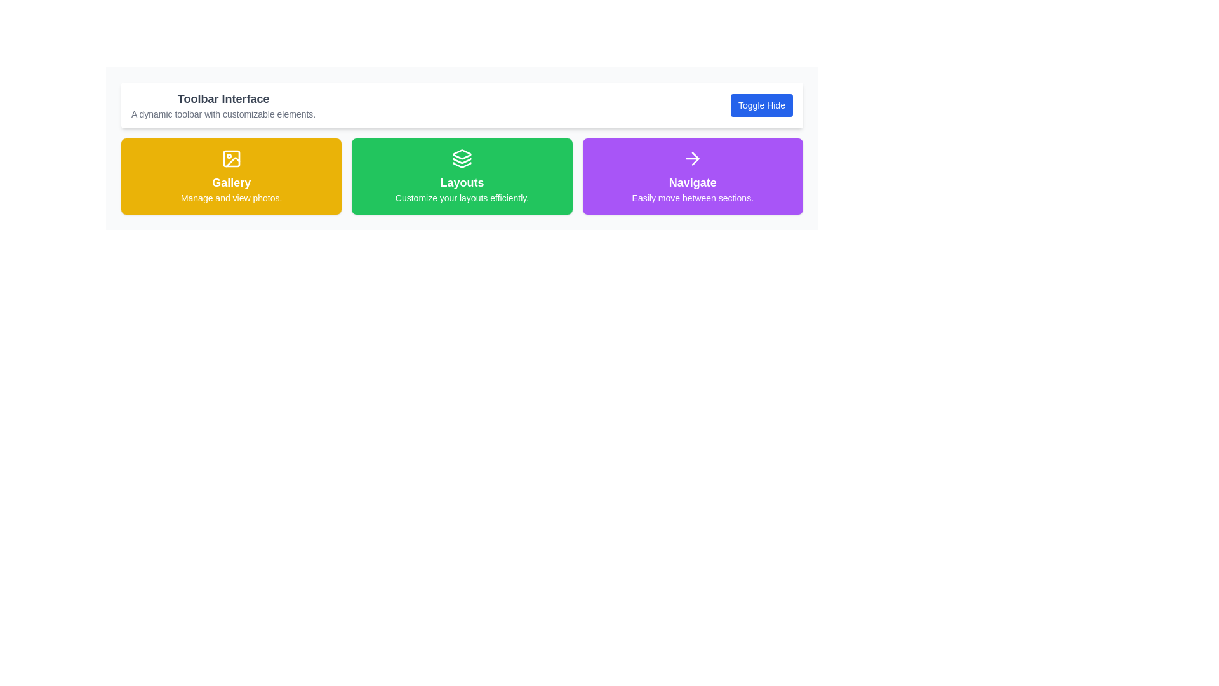  Describe the element at coordinates (692, 198) in the screenshot. I see `the static text element that provides a descriptive subtitle for the main title 'Navigate', located directly below the title and adjacent to a right-arrow icon` at that location.